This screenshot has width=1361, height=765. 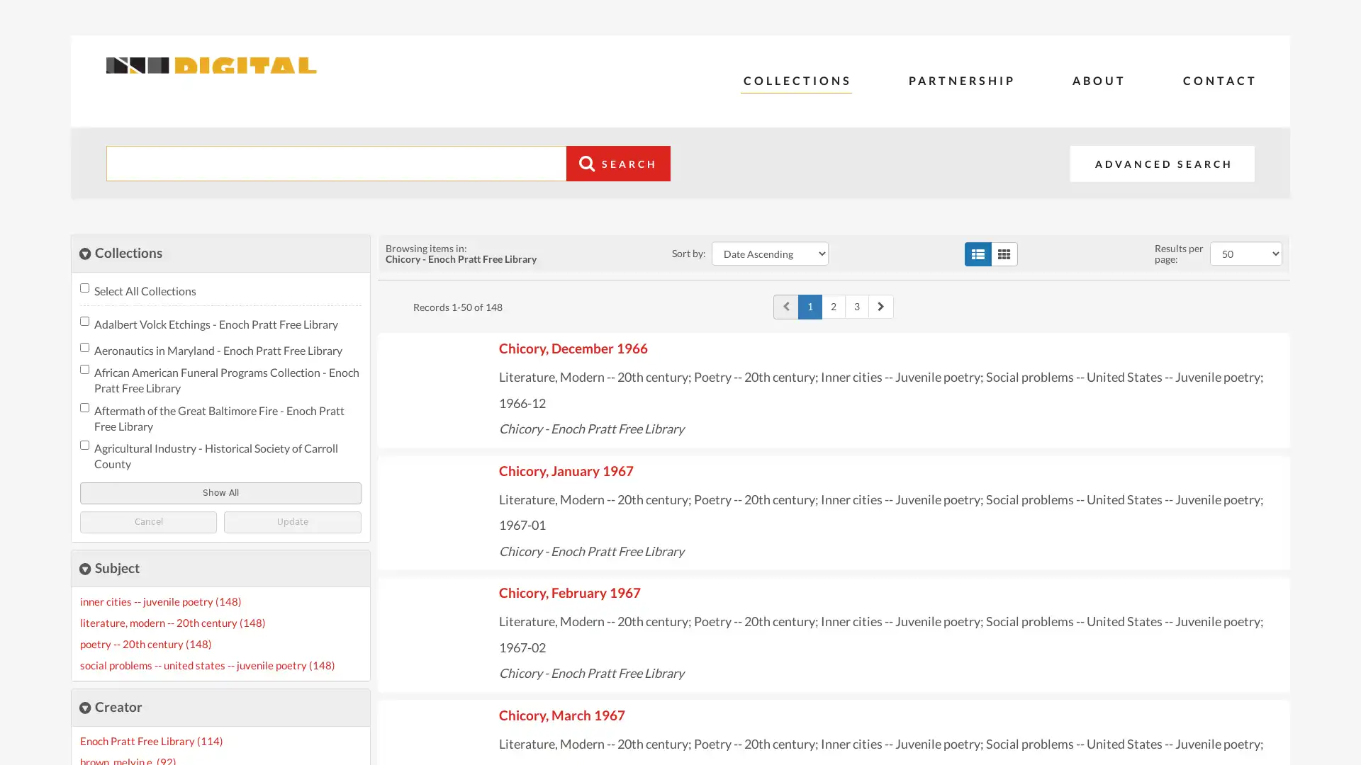 I want to click on Cancel, so click(x=148, y=521).